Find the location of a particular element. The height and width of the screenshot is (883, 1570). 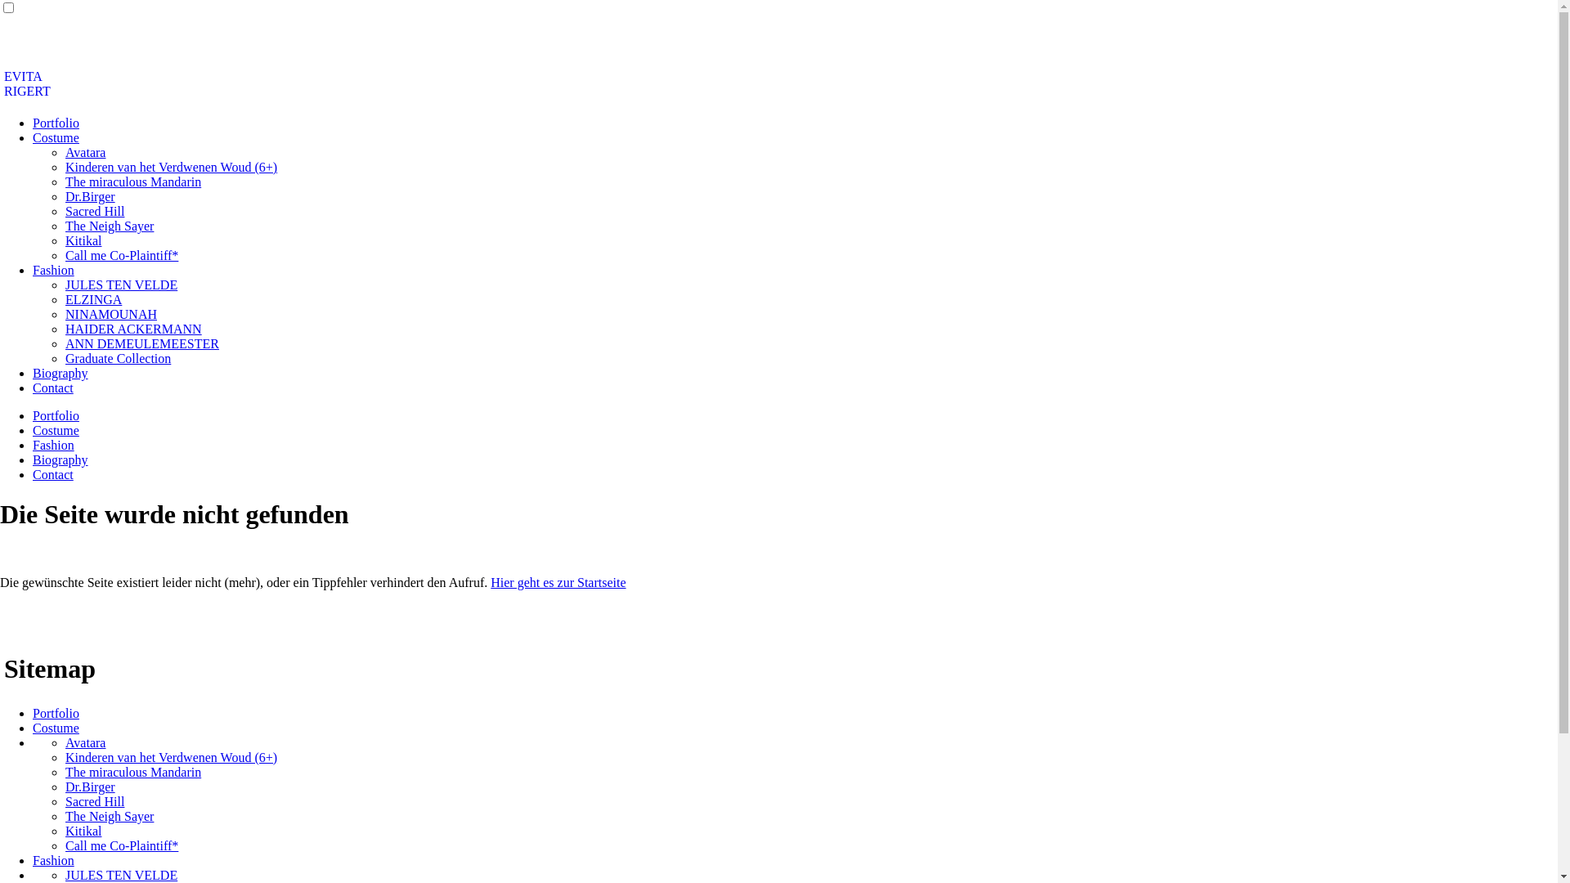

'Call me Co-Plaintiff*' is located at coordinates (65, 255).